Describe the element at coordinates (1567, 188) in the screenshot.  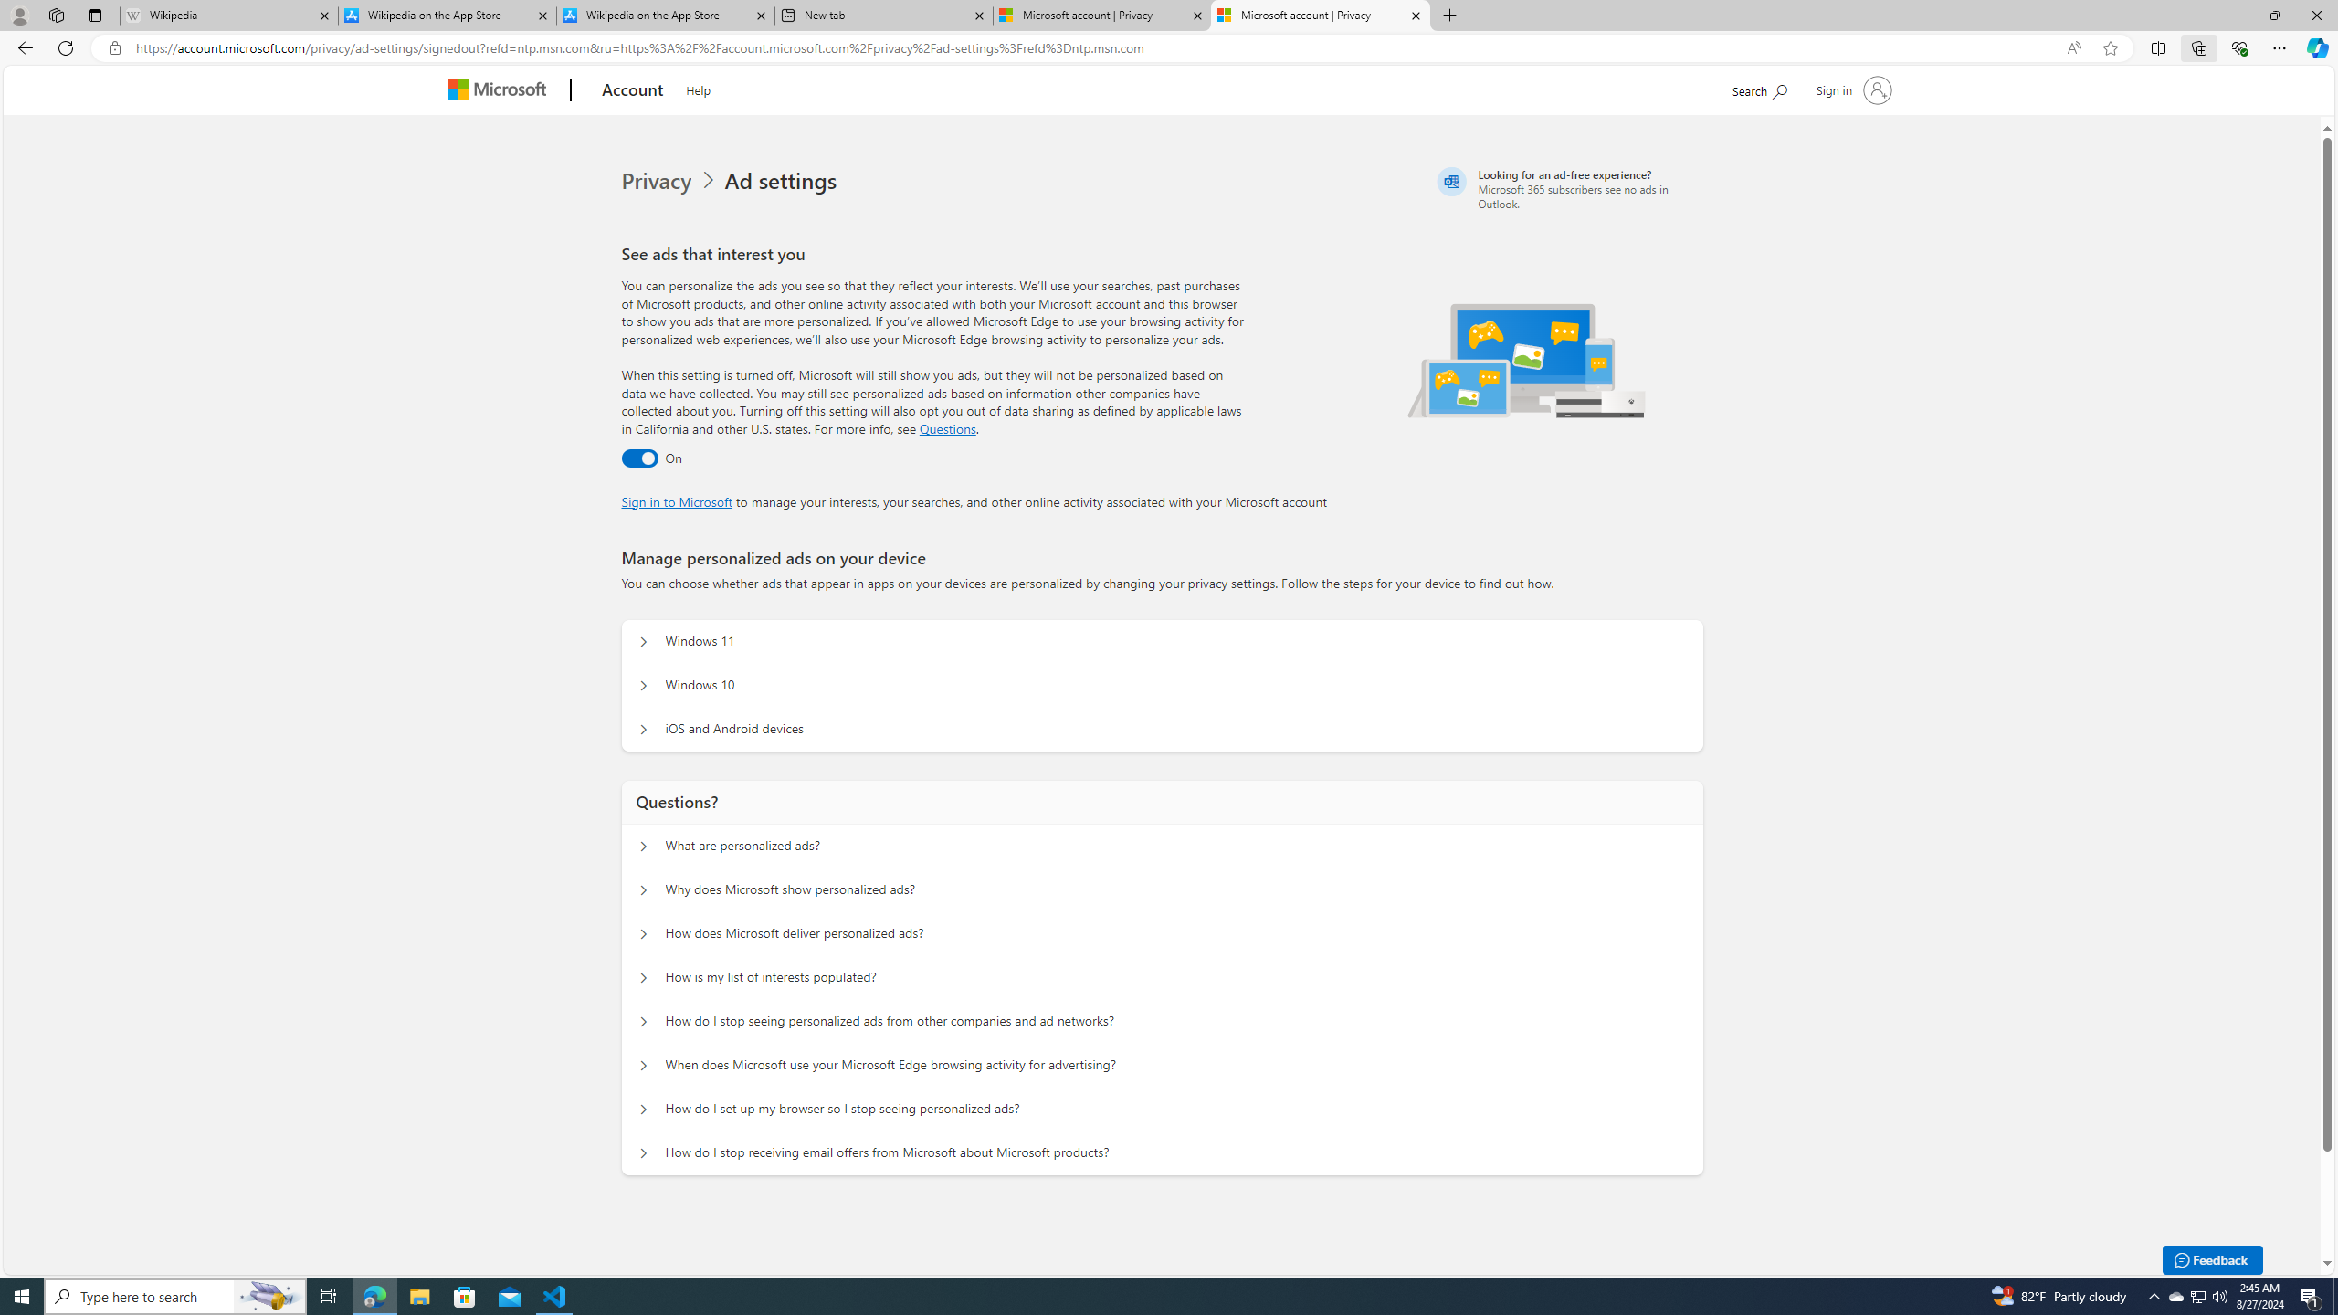
I see `'Looking for an ad-free experience?'` at that location.